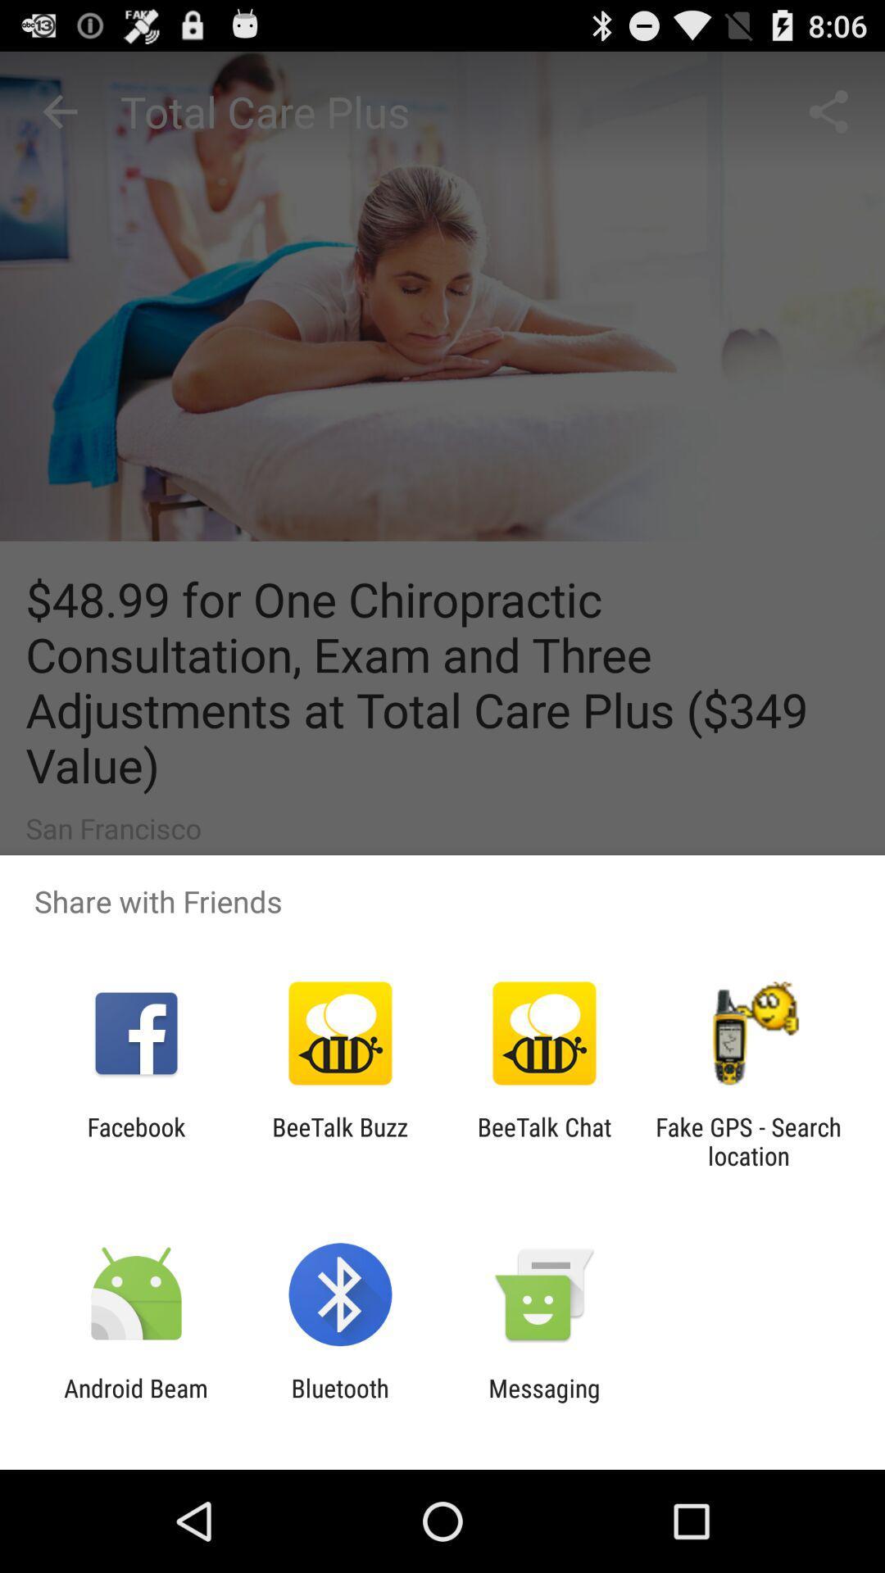  I want to click on app next to android beam app, so click(339, 1402).